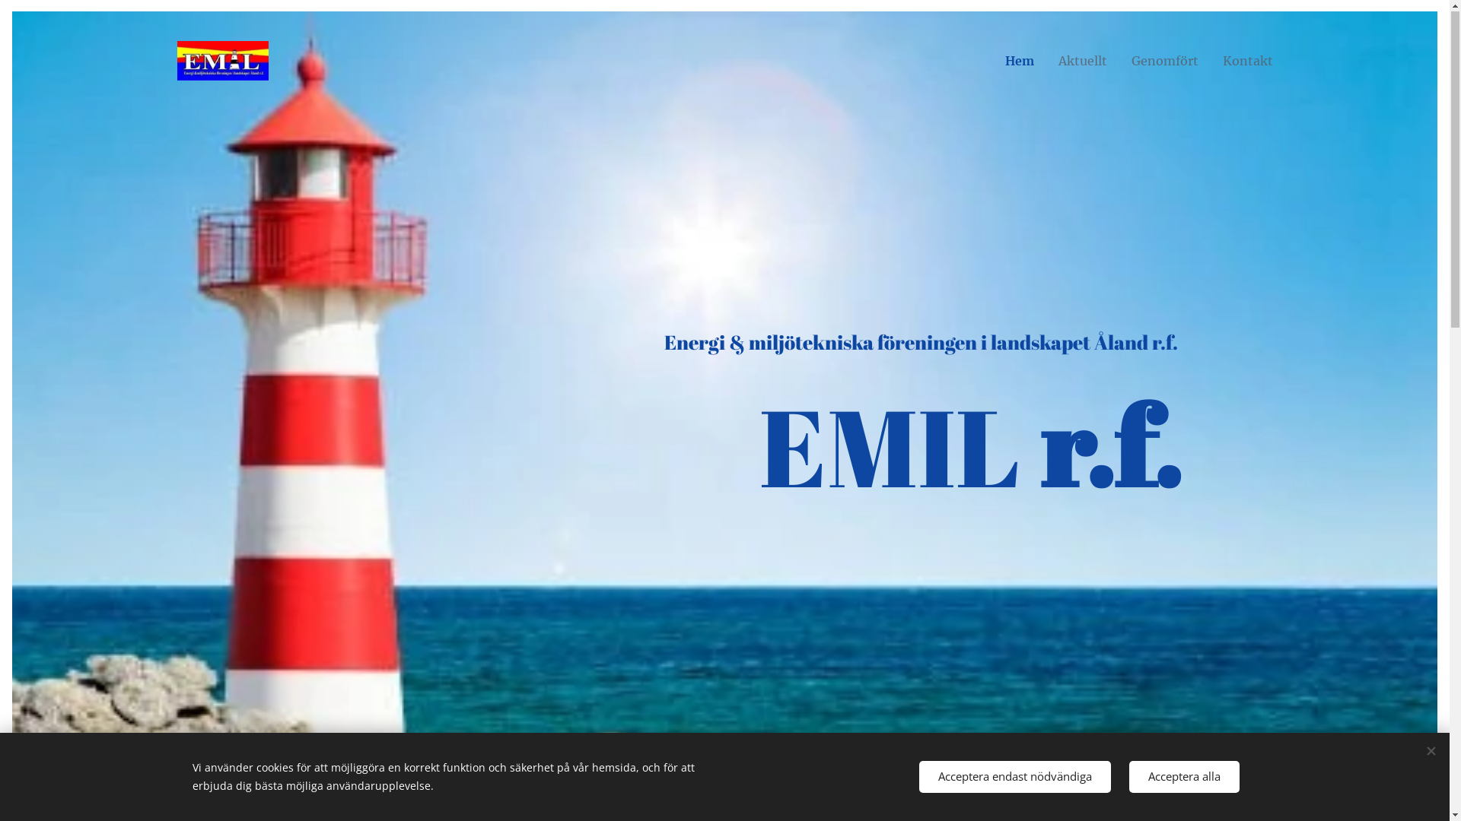 Image resolution: width=1461 pixels, height=821 pixels. Describe the element at coordinates (1208, 61) in the screenshot. I see `'Kontakt'` at that location.